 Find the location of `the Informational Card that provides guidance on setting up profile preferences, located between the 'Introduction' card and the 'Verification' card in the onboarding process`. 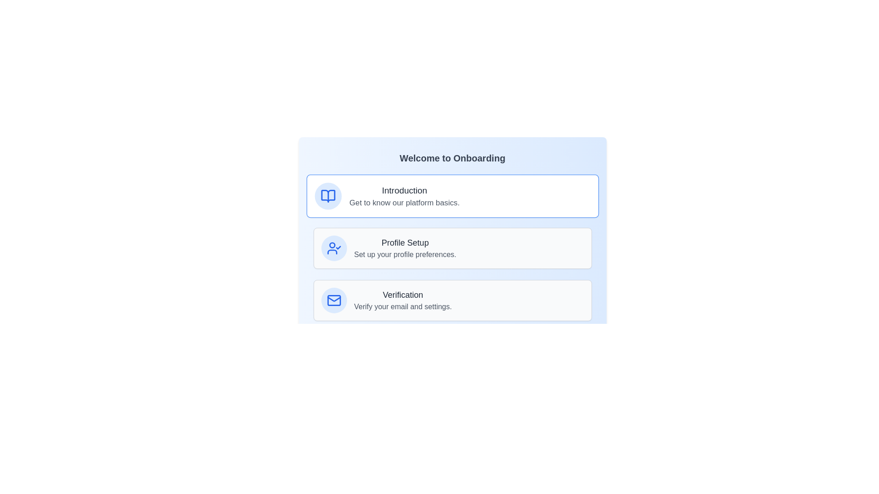

the Informational Card that provides guidance on setting up profile preferences, located between the 'Introduction' card and the 'Verification' card in the onboarding process is located at coordinates (452, 248).